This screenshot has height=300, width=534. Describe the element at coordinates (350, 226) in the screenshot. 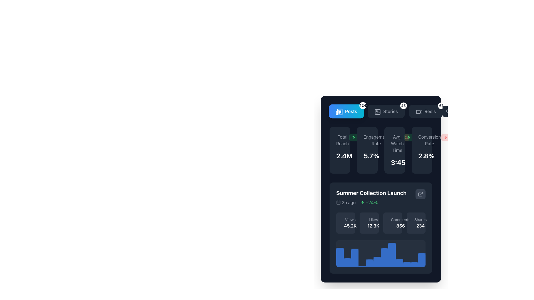

I see `the '45.2K' views text label in the 'Views' subsection of the 'Summer Collection Launch' section` at that location.